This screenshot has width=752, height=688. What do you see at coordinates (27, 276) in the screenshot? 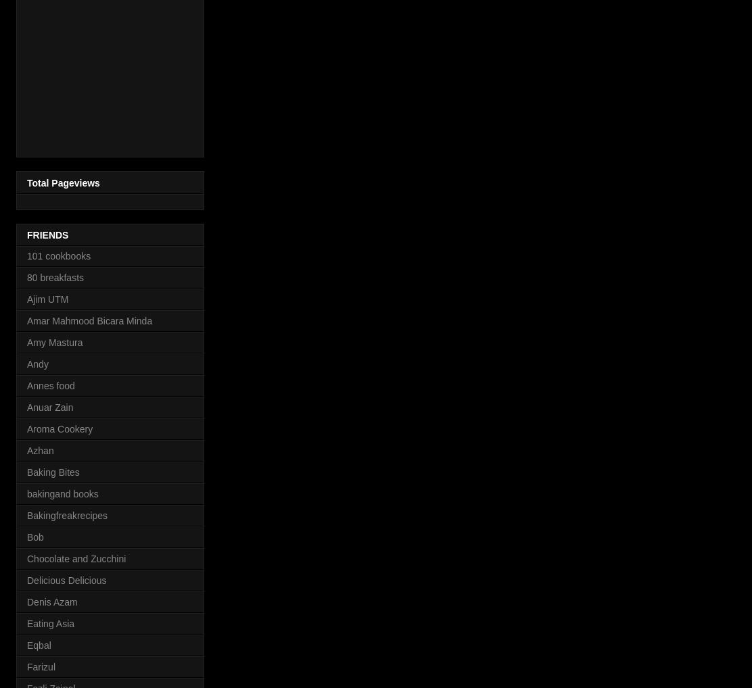
I see `'80 breakfasts'` at bounding box center [27, 276].